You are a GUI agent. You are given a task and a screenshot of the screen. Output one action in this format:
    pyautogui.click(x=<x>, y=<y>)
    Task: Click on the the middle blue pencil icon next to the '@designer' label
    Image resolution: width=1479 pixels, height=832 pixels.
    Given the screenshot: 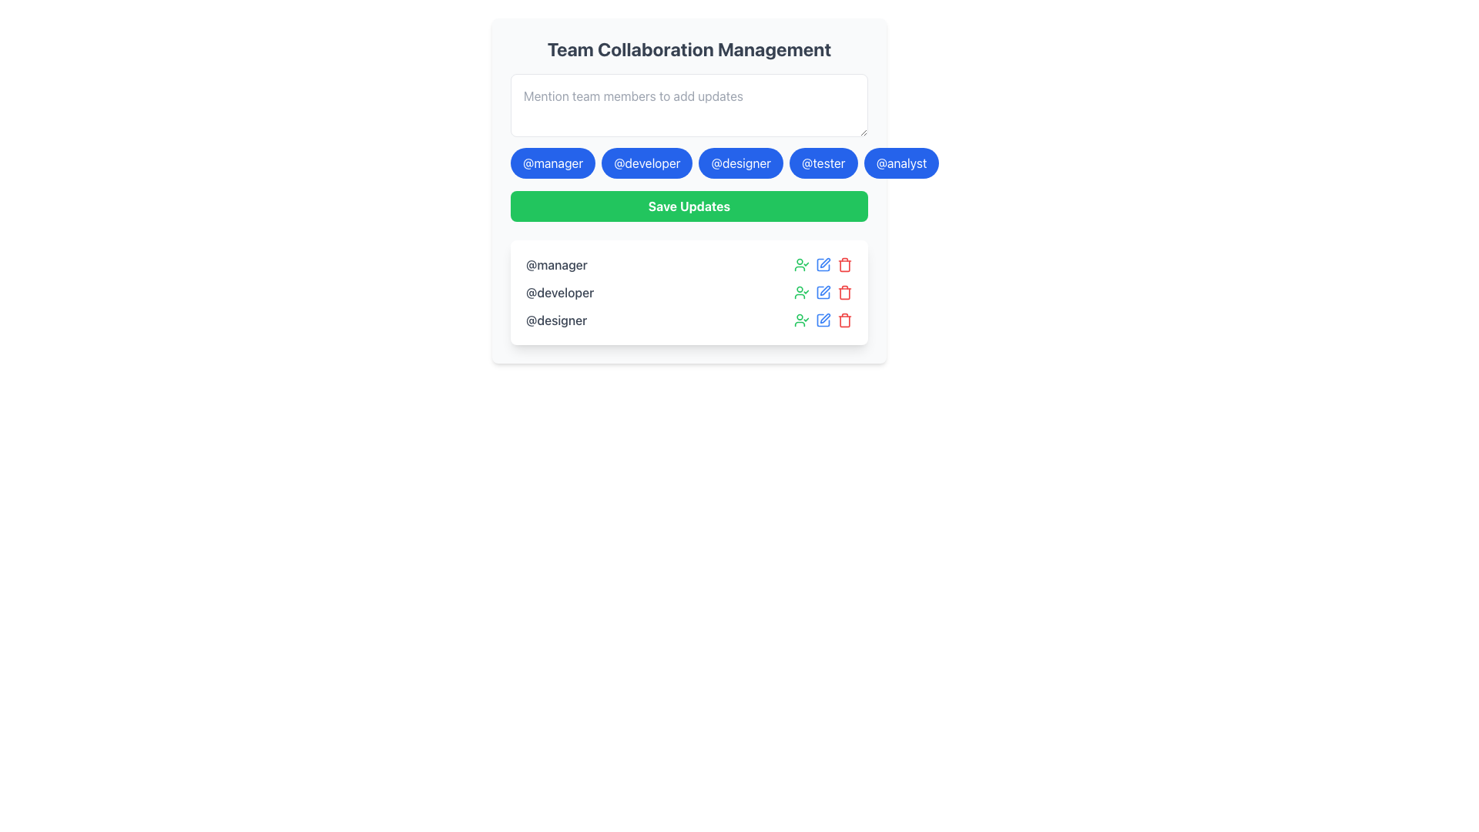 What is the action you would take?
    pyautogui.click(x=823, y=320)
    